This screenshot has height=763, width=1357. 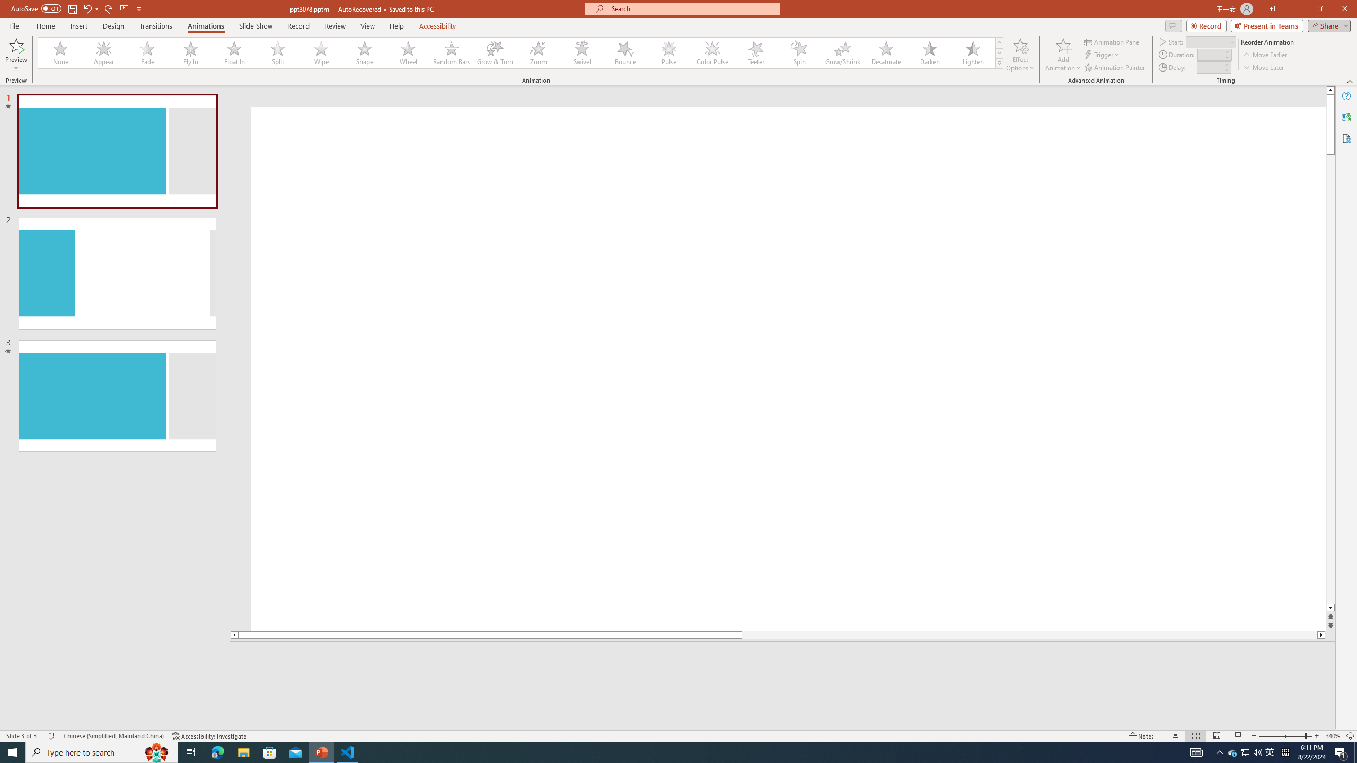 I want to click on 'Pulse', so click(x=668, y=52).